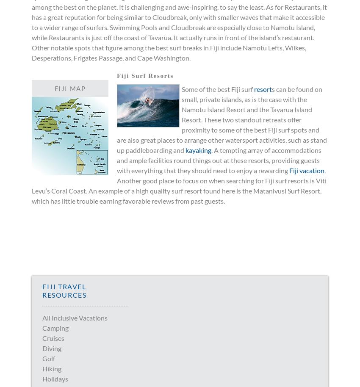  What do you see at coordinates (54, 88) in the screenshot?
I see `'Fiji Map'` at bounding box center [54, 88].